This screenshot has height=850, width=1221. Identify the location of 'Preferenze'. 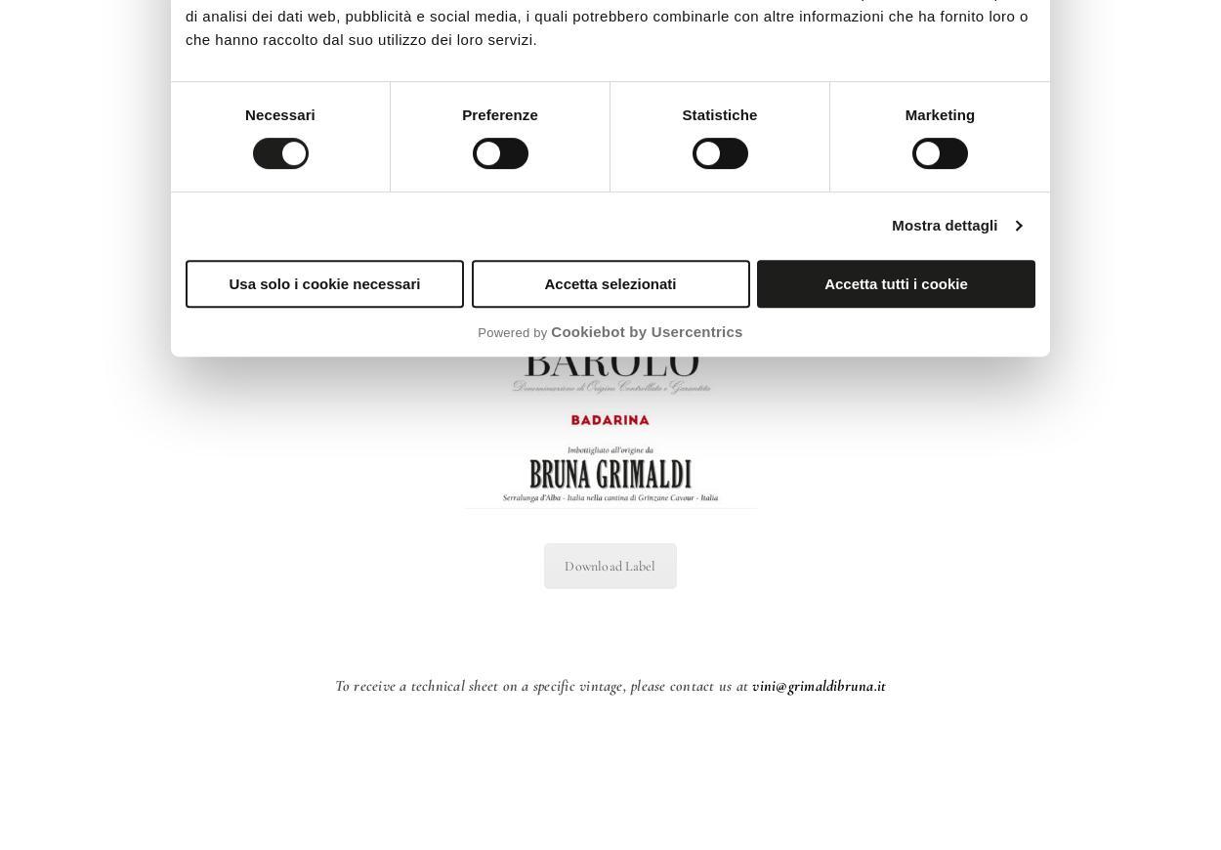
(499, 113).